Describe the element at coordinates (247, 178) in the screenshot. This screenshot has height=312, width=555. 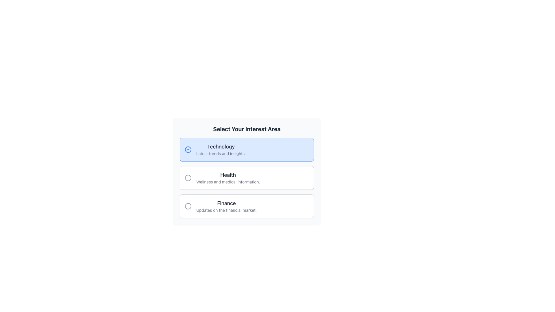
I see `the 'Health' selectable option within the 'Select Your Interest Area' widget` at that location.